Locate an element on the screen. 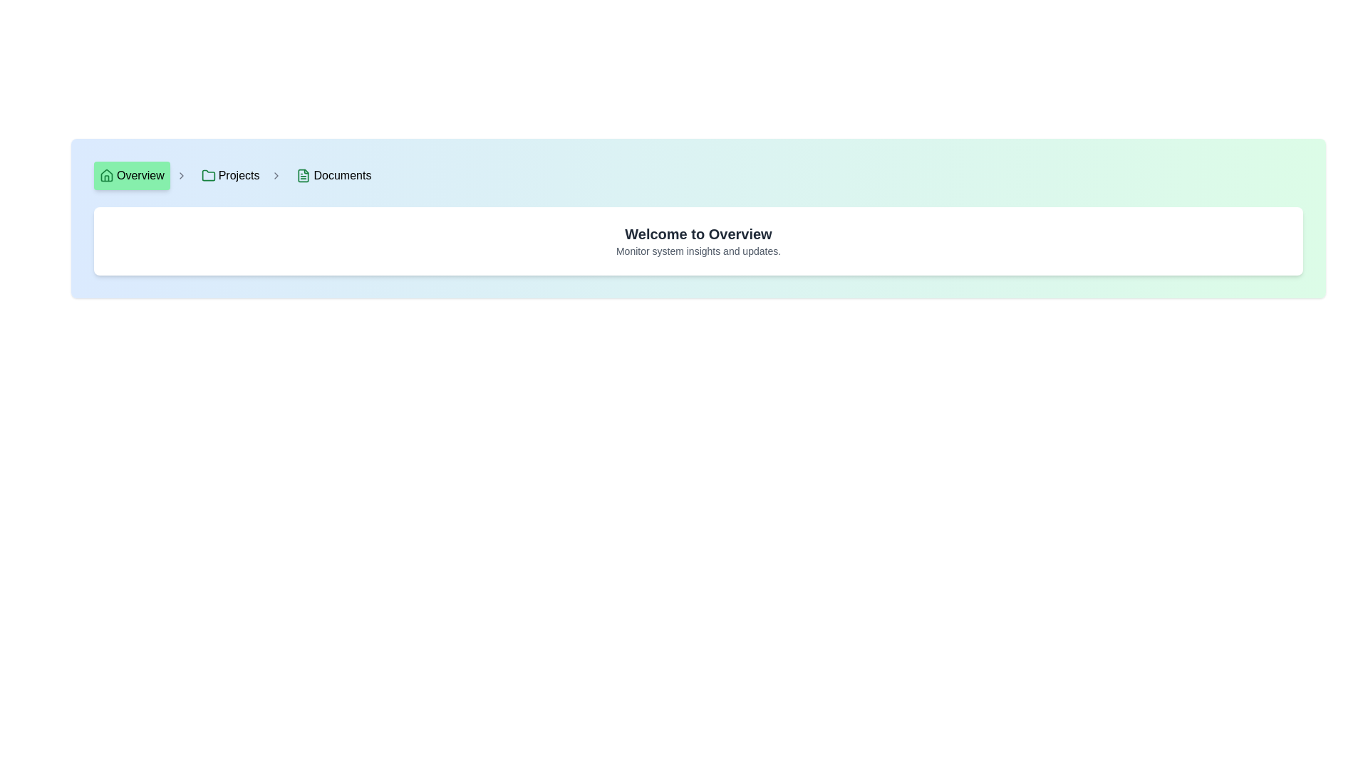 The image size is (1368, 769). the document icon, which is a green SVG graphic located to the left of the 'Documents' text in the breadcrumb navigation bar is located at coordinates (303, 174).